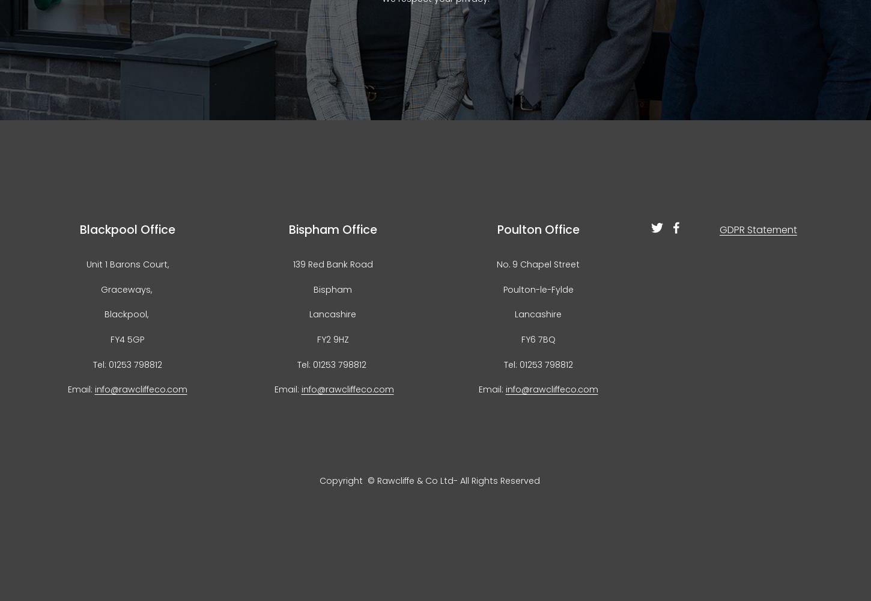 This screenshot has width=871, height=601. I want to click on 'Poulton Office', so click(537, 229).